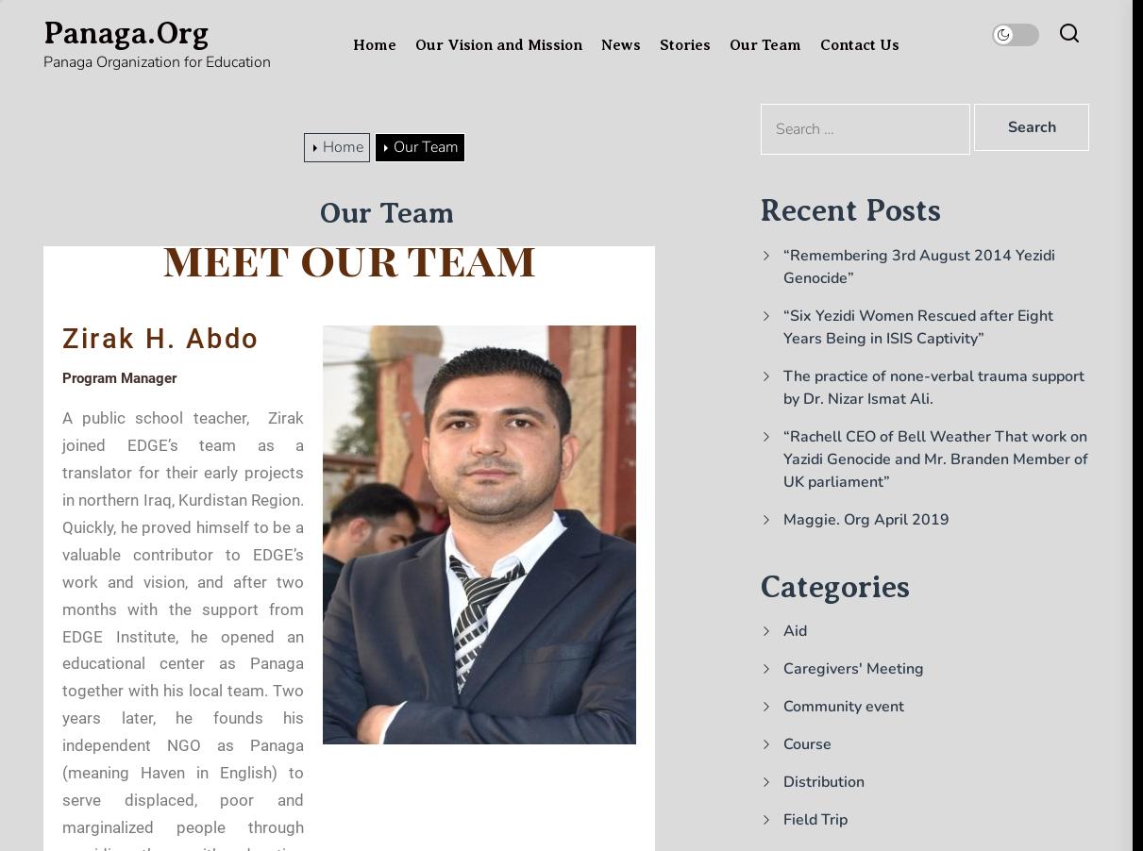  Describe the element at coordinates (783, 668) in the screenshot. I see `'Caregivers' Meeting'` at that location.